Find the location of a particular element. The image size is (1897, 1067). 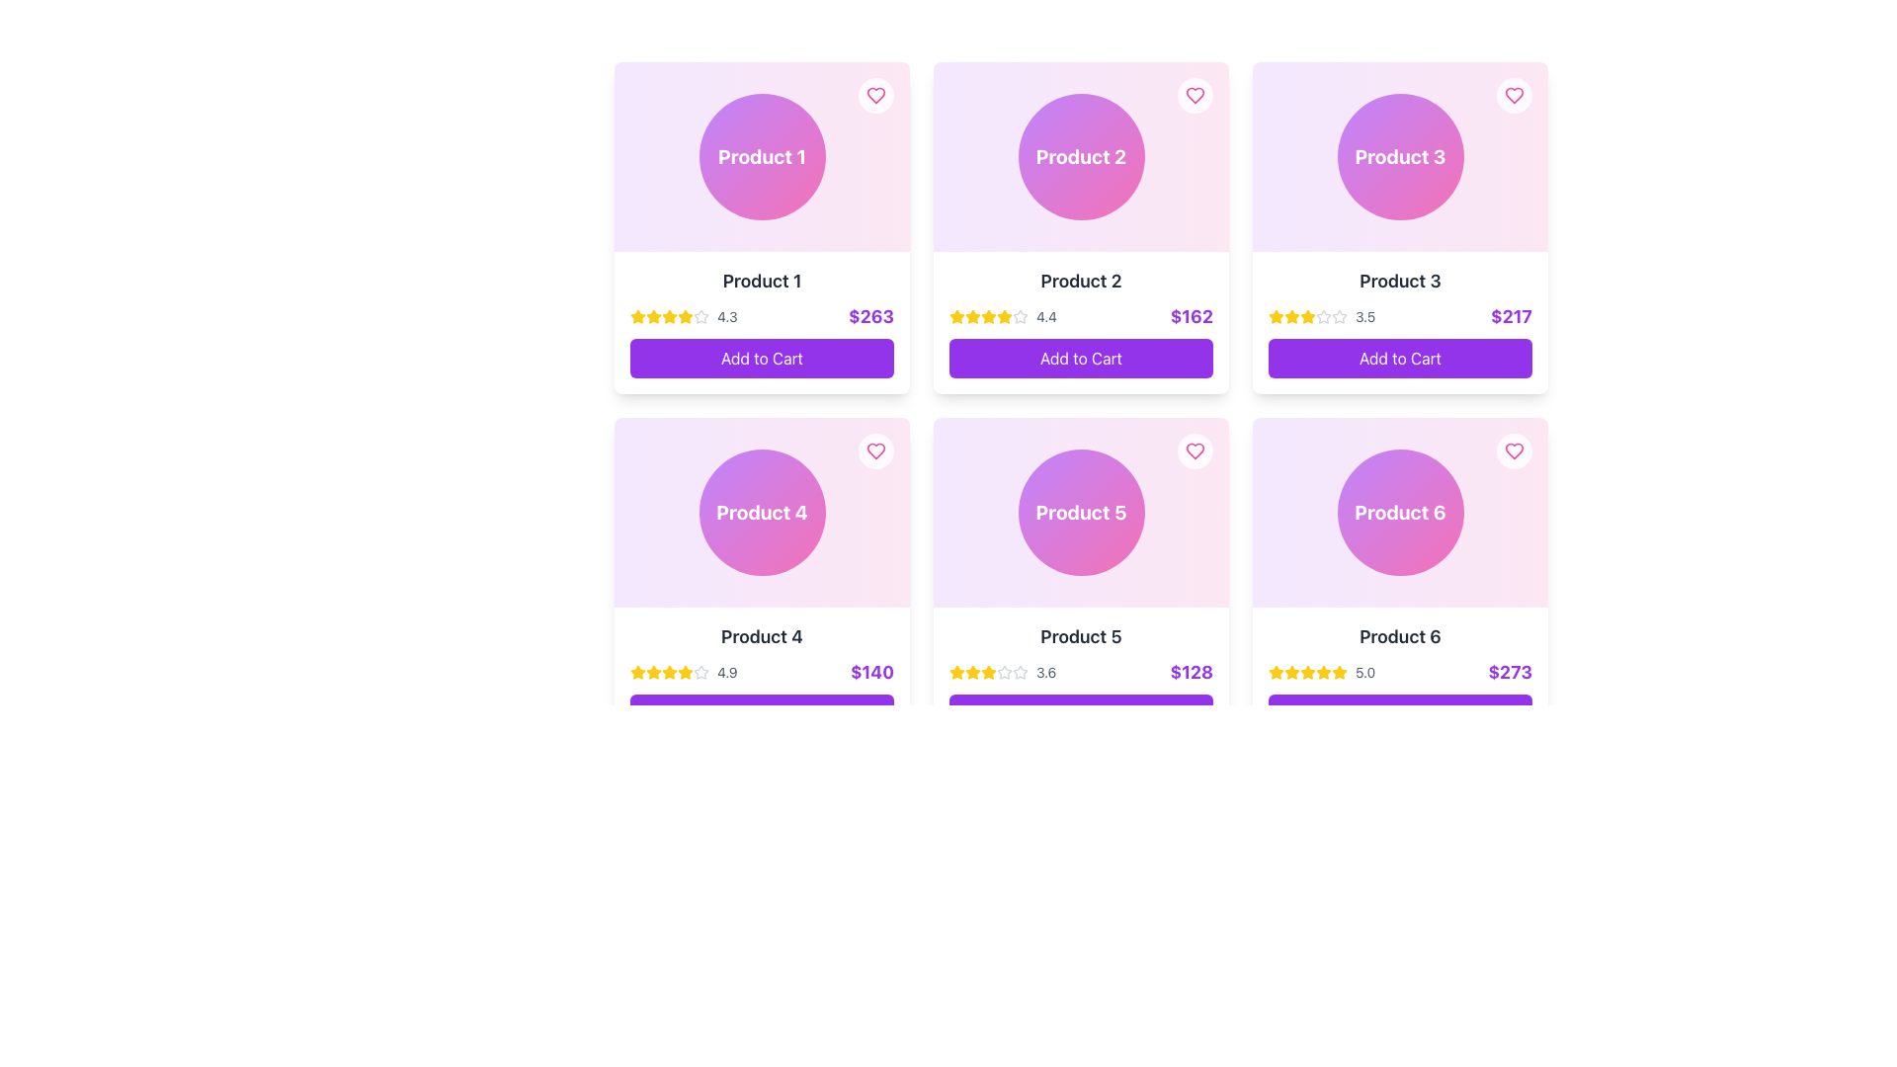

the pink heart icon in the top-right corner of the 'Product 4' card is located at coordinates (875, 451).